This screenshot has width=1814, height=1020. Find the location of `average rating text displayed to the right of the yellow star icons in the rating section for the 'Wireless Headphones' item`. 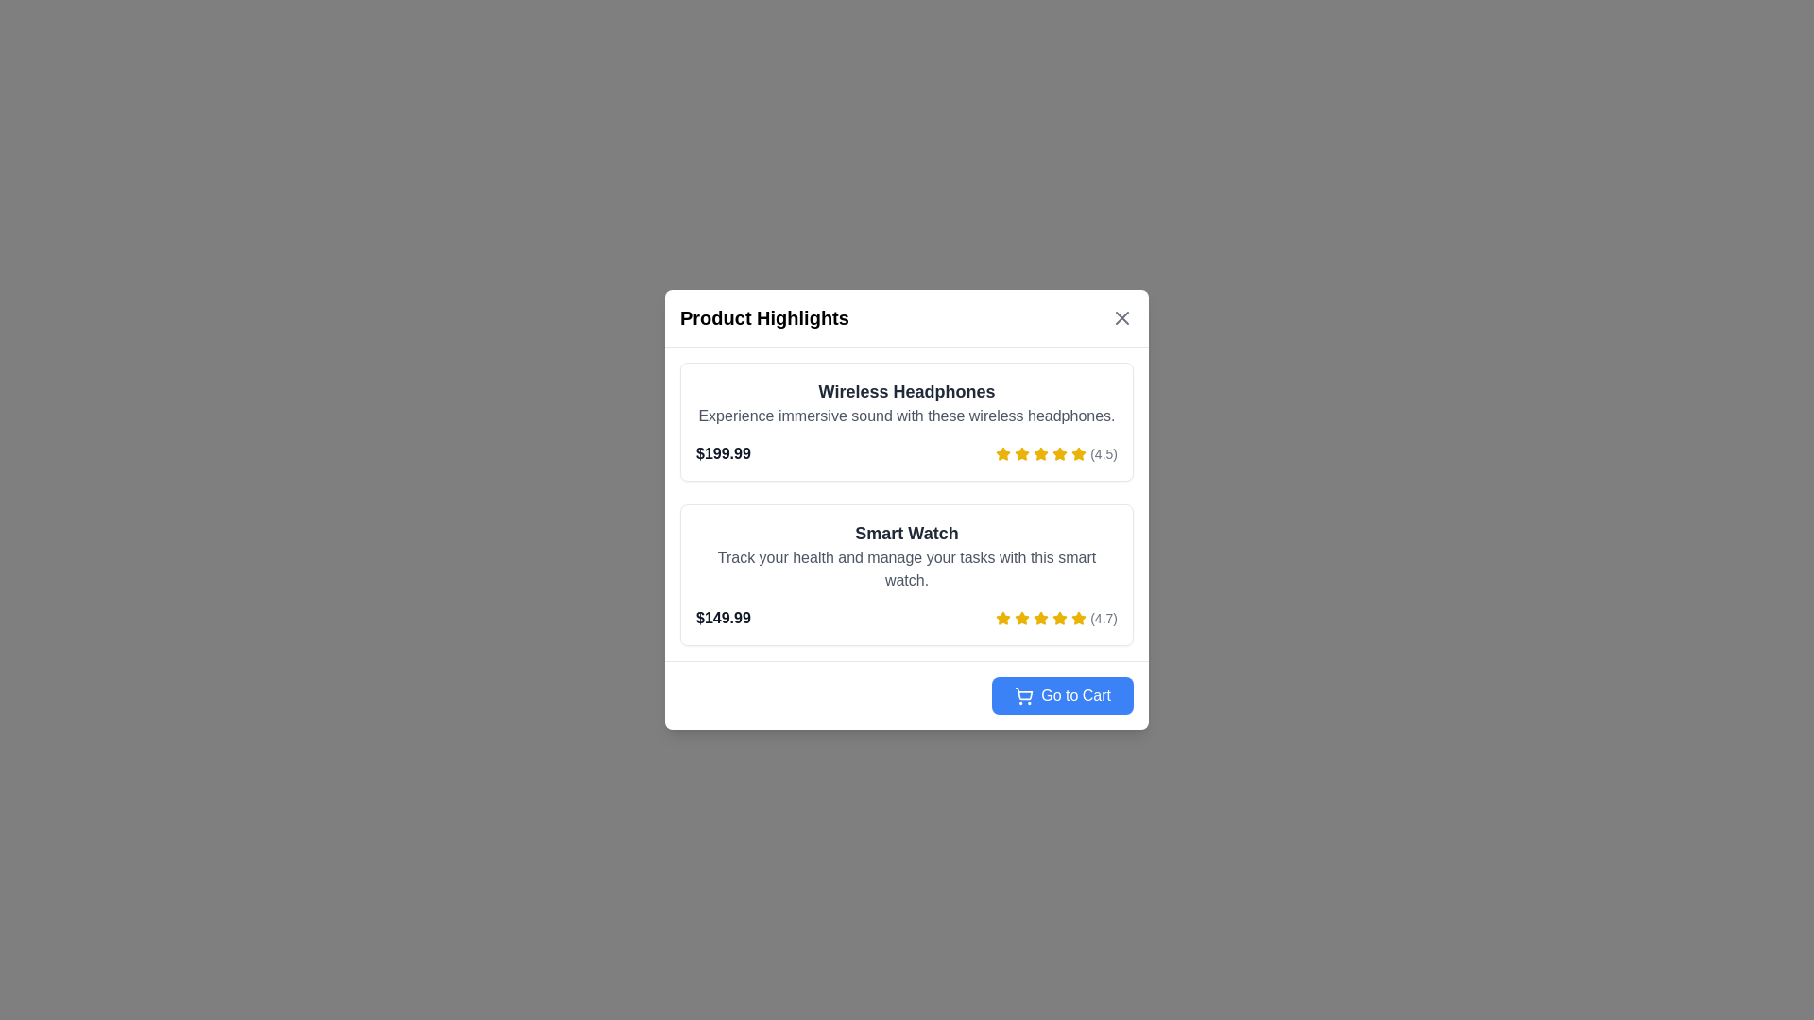

average rating text displayed to the right of the yellow star icons in the rating section for the 'Wireless Headphones' item is located at coordinates (1104, 454).